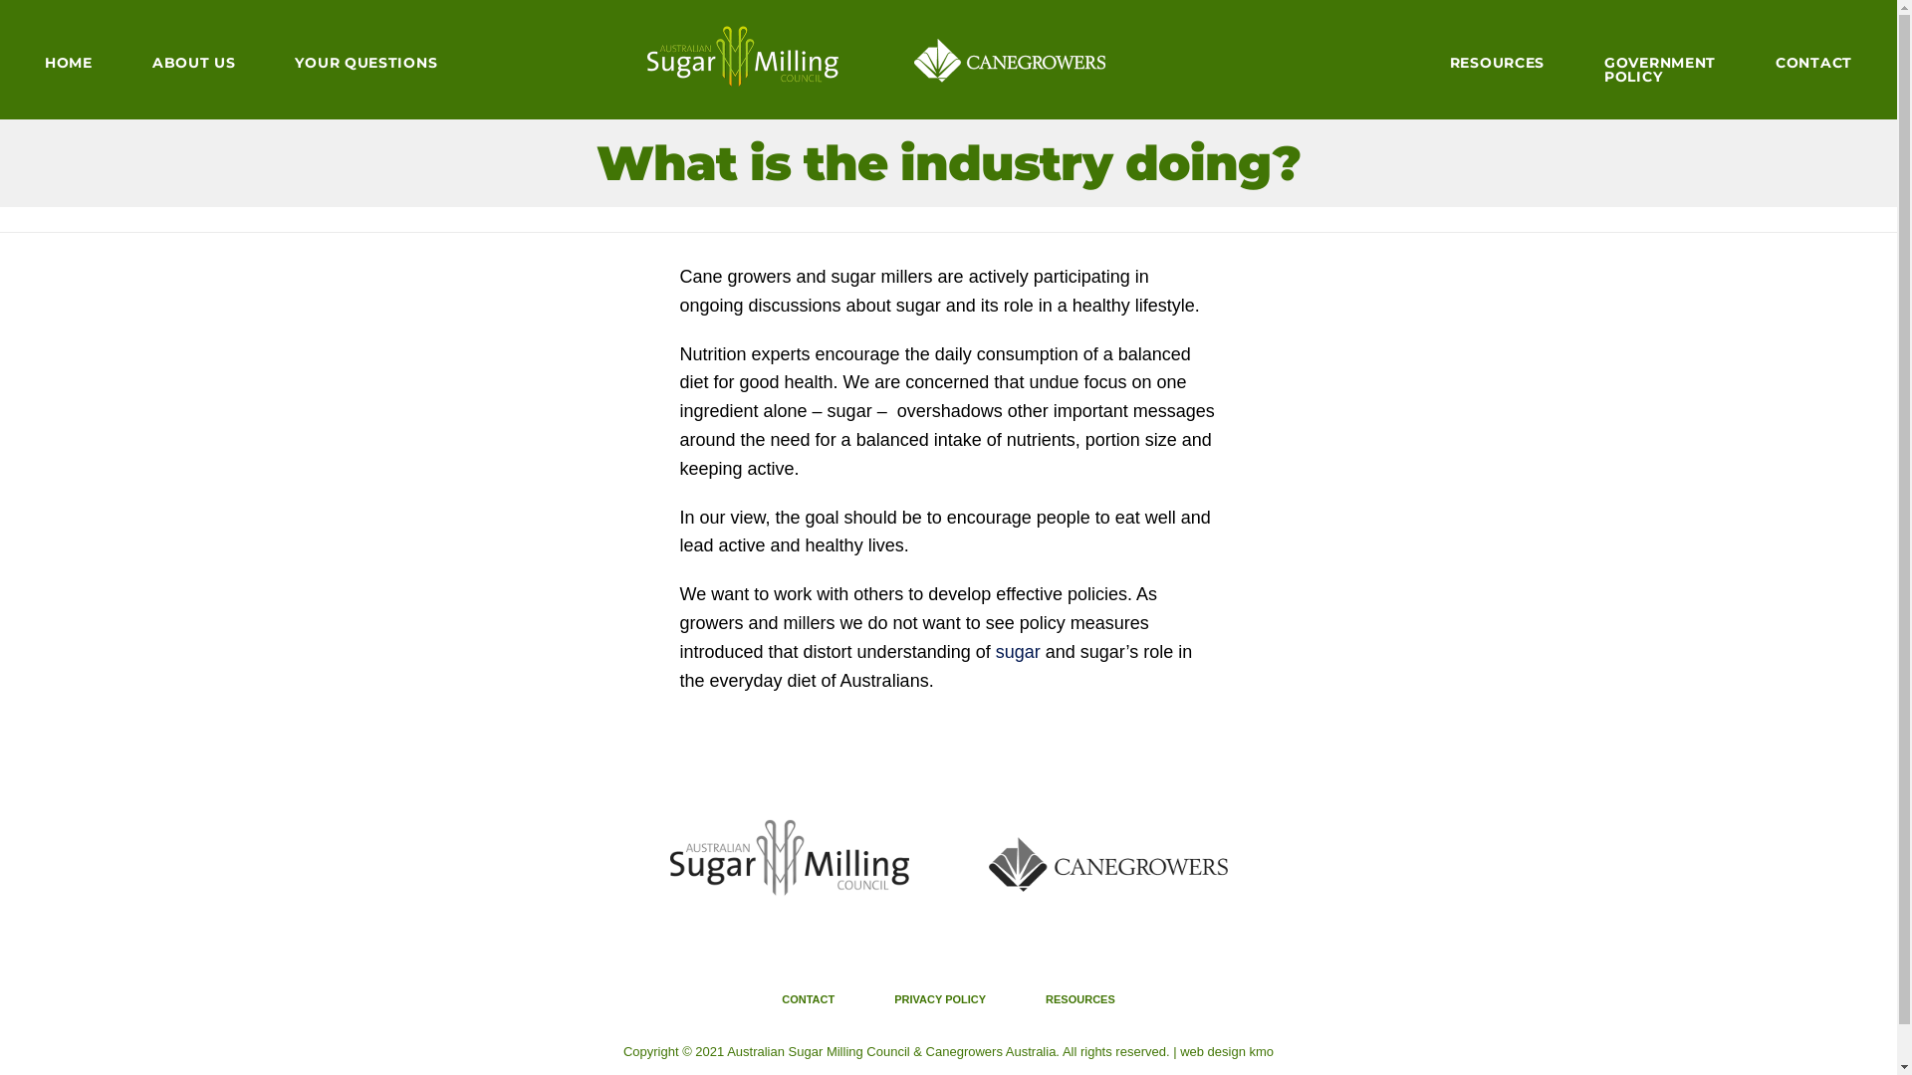 The height and width of the screenshot is (1075, 1912). I want to click on 'PRIVACY POLICY', so click(939, 998).